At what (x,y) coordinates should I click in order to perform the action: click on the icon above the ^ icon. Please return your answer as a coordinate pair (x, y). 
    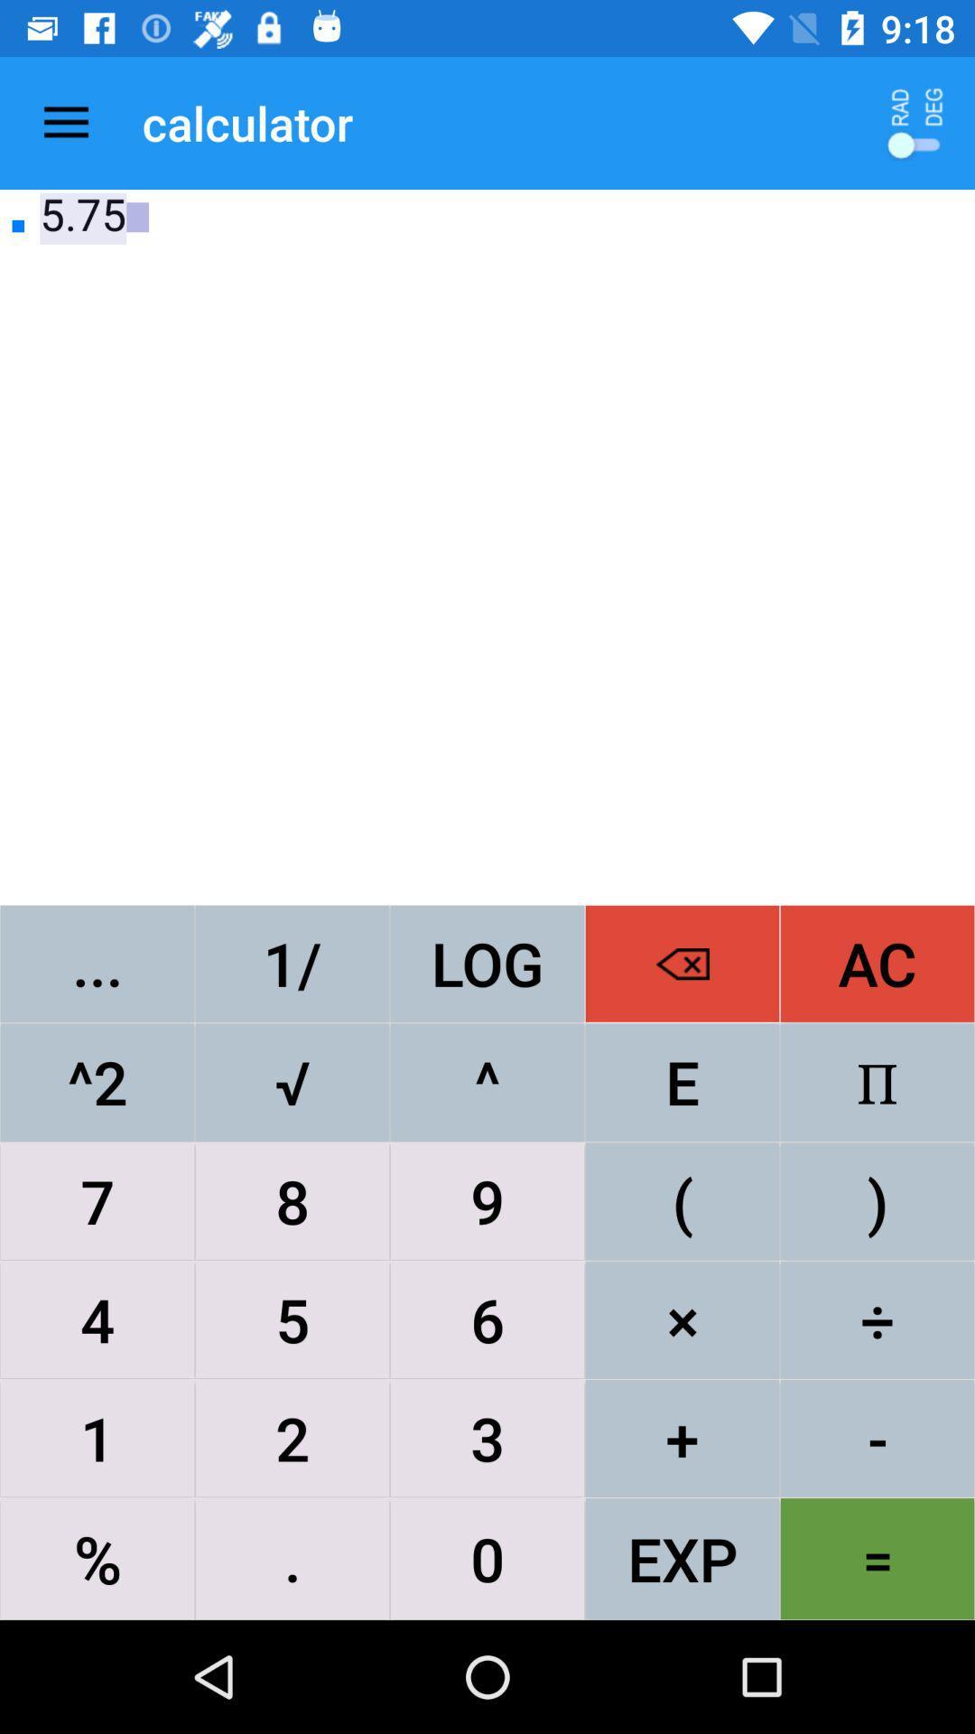
    Looking at the image, I should click on (682, 963).